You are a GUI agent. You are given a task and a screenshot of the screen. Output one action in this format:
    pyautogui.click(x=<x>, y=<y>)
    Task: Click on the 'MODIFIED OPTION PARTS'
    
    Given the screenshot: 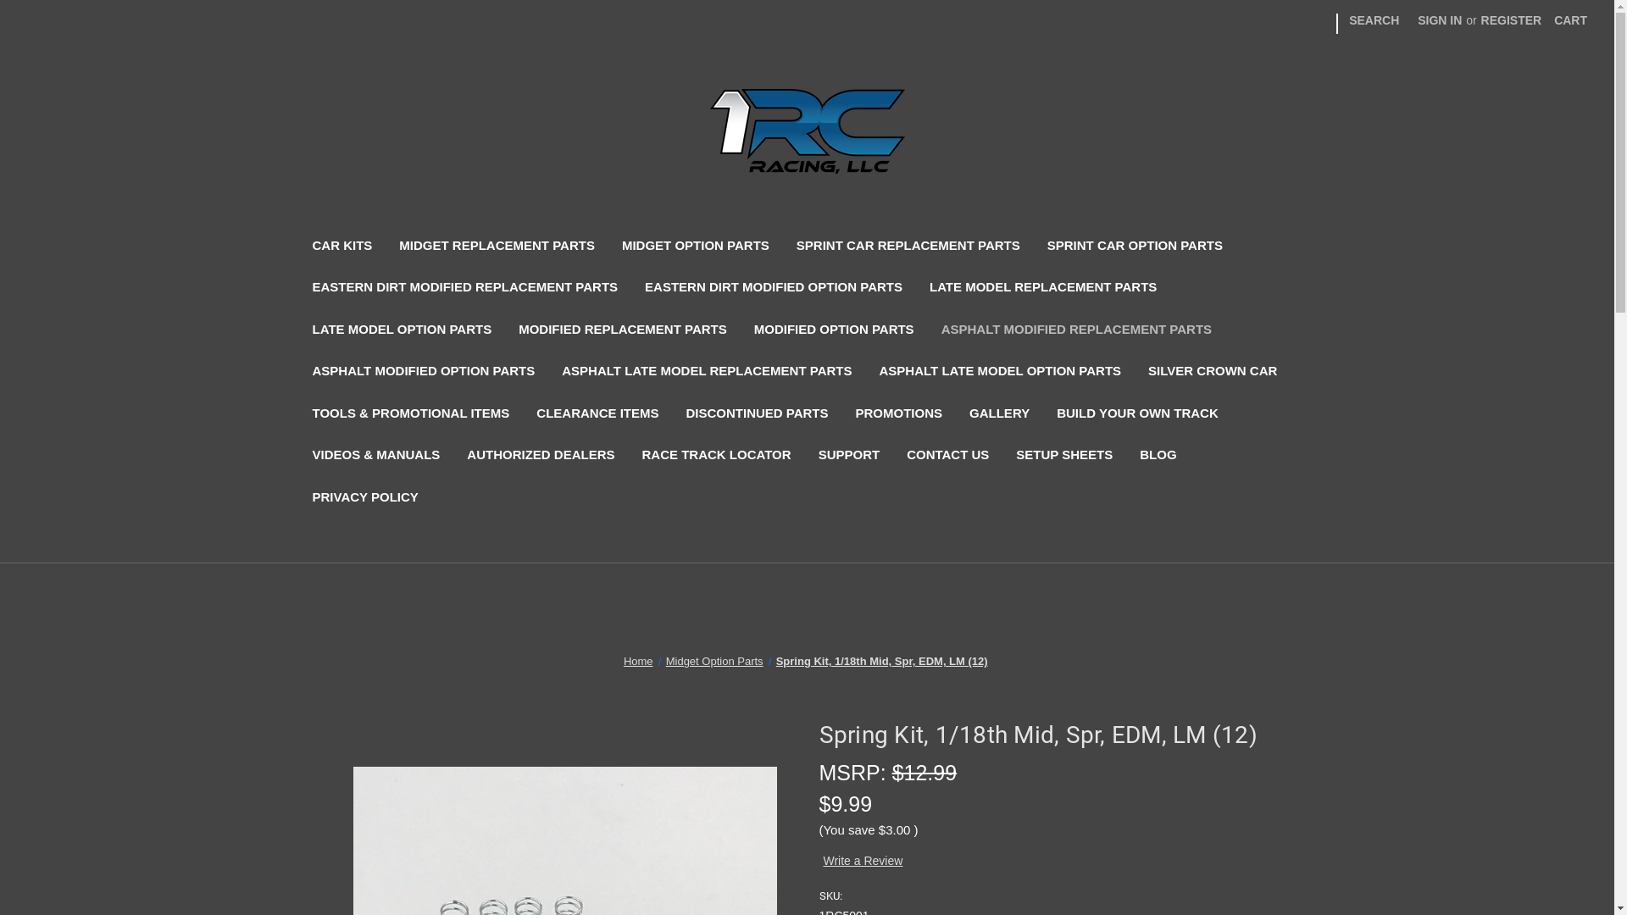 What is the action you would take?
    pyautogui.click(x=834, y=331)
    